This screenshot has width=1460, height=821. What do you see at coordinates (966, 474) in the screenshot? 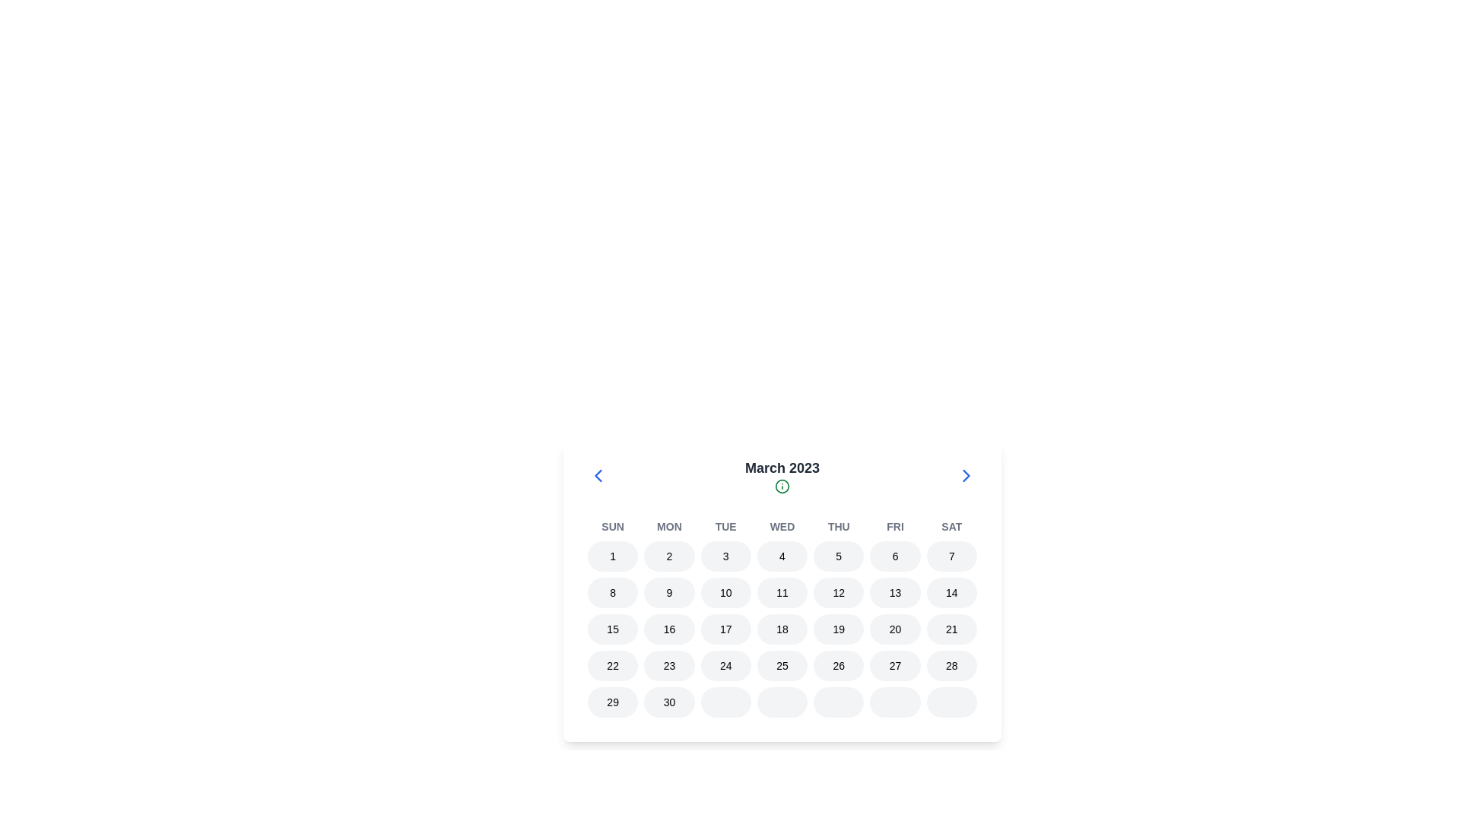
I see `the navigation button located at the top-right corner of the calendar interface, adjacent to the title 'March 2023'` at bounding box center [966, 474].